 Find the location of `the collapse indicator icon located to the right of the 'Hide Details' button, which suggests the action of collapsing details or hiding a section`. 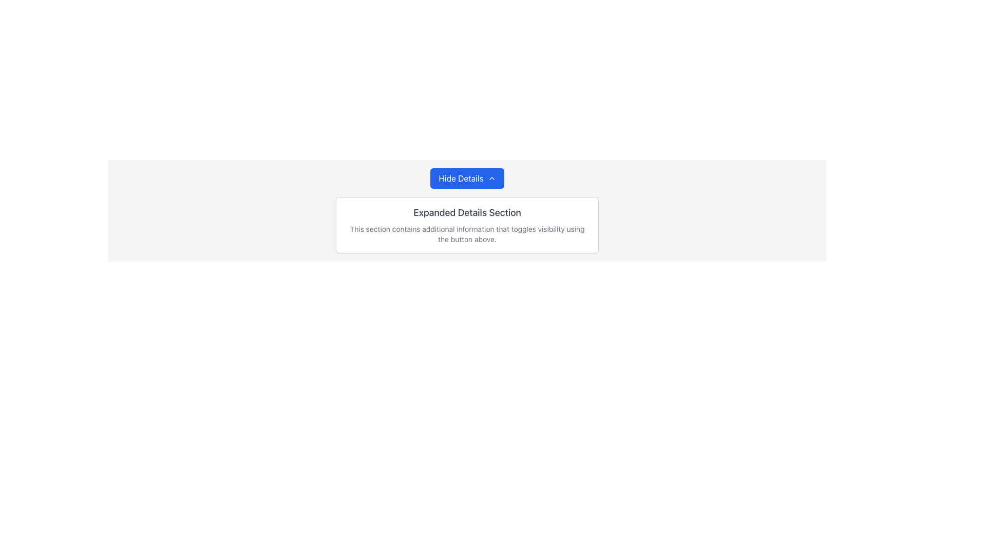

the collapse indicator icon located to the right of the 'Hide Details' button, which suggests the action of collapsing details or hiding a section is located at coordinates (491, 177).